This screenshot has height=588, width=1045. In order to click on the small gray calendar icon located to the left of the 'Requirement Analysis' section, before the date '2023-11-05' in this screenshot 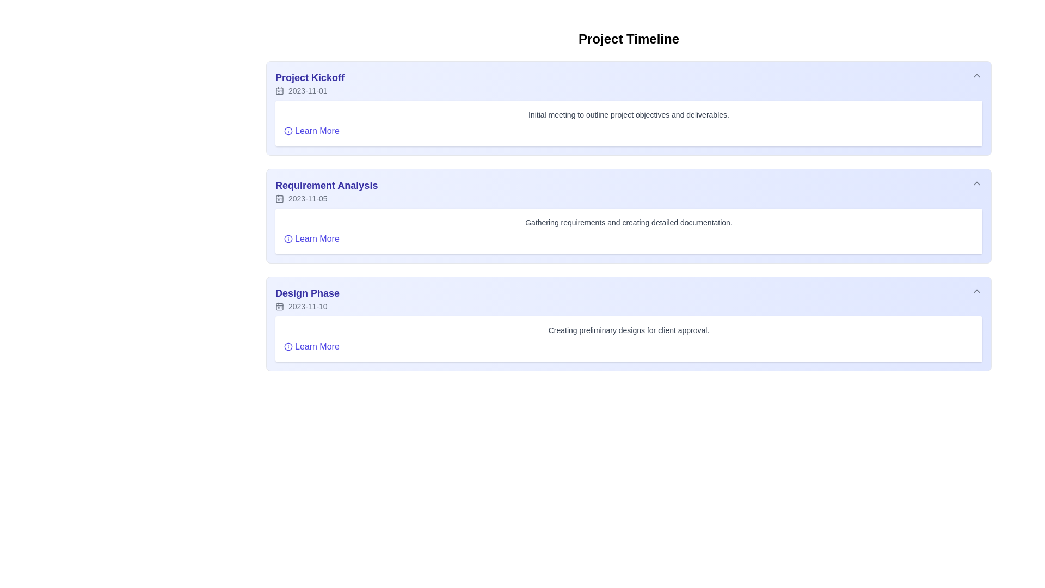, I will do `click(279, 199)`.